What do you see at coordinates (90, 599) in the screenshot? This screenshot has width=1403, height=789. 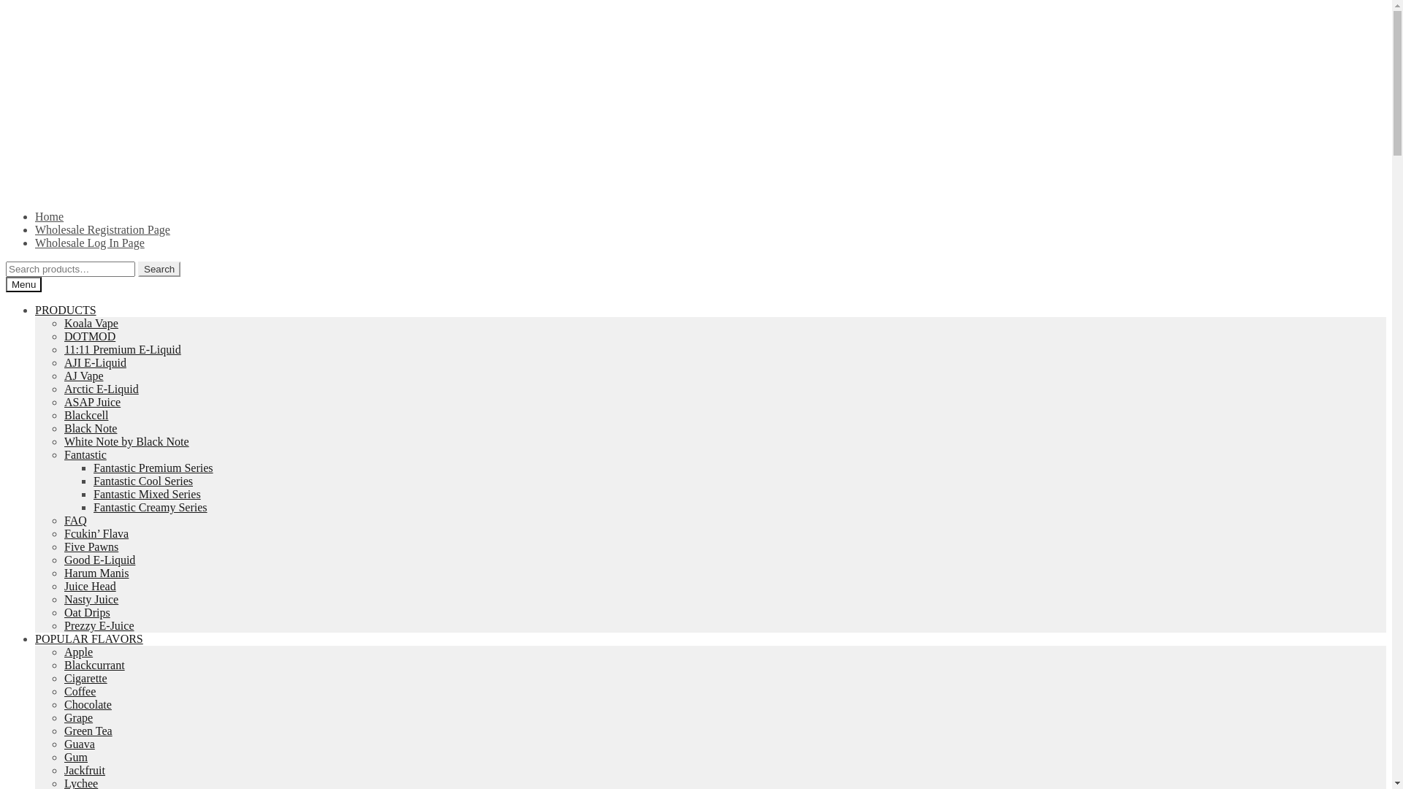 I see `'Nasty Juice'` at bounding box center [90, 599].